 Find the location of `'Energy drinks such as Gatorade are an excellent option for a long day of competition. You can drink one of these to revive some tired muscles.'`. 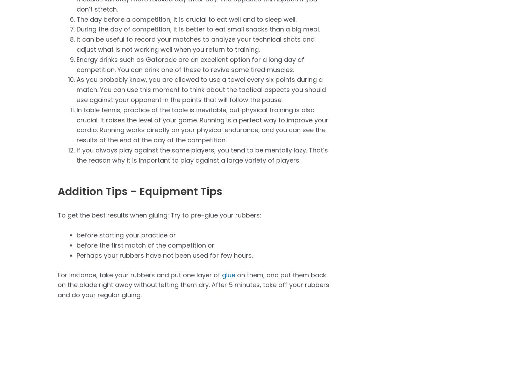

'Energy drinks such as Gatorade are an excellent option for a long day of competition. You can drink one of these to revive some tired muscles.' is located at coordinates (190, 64).